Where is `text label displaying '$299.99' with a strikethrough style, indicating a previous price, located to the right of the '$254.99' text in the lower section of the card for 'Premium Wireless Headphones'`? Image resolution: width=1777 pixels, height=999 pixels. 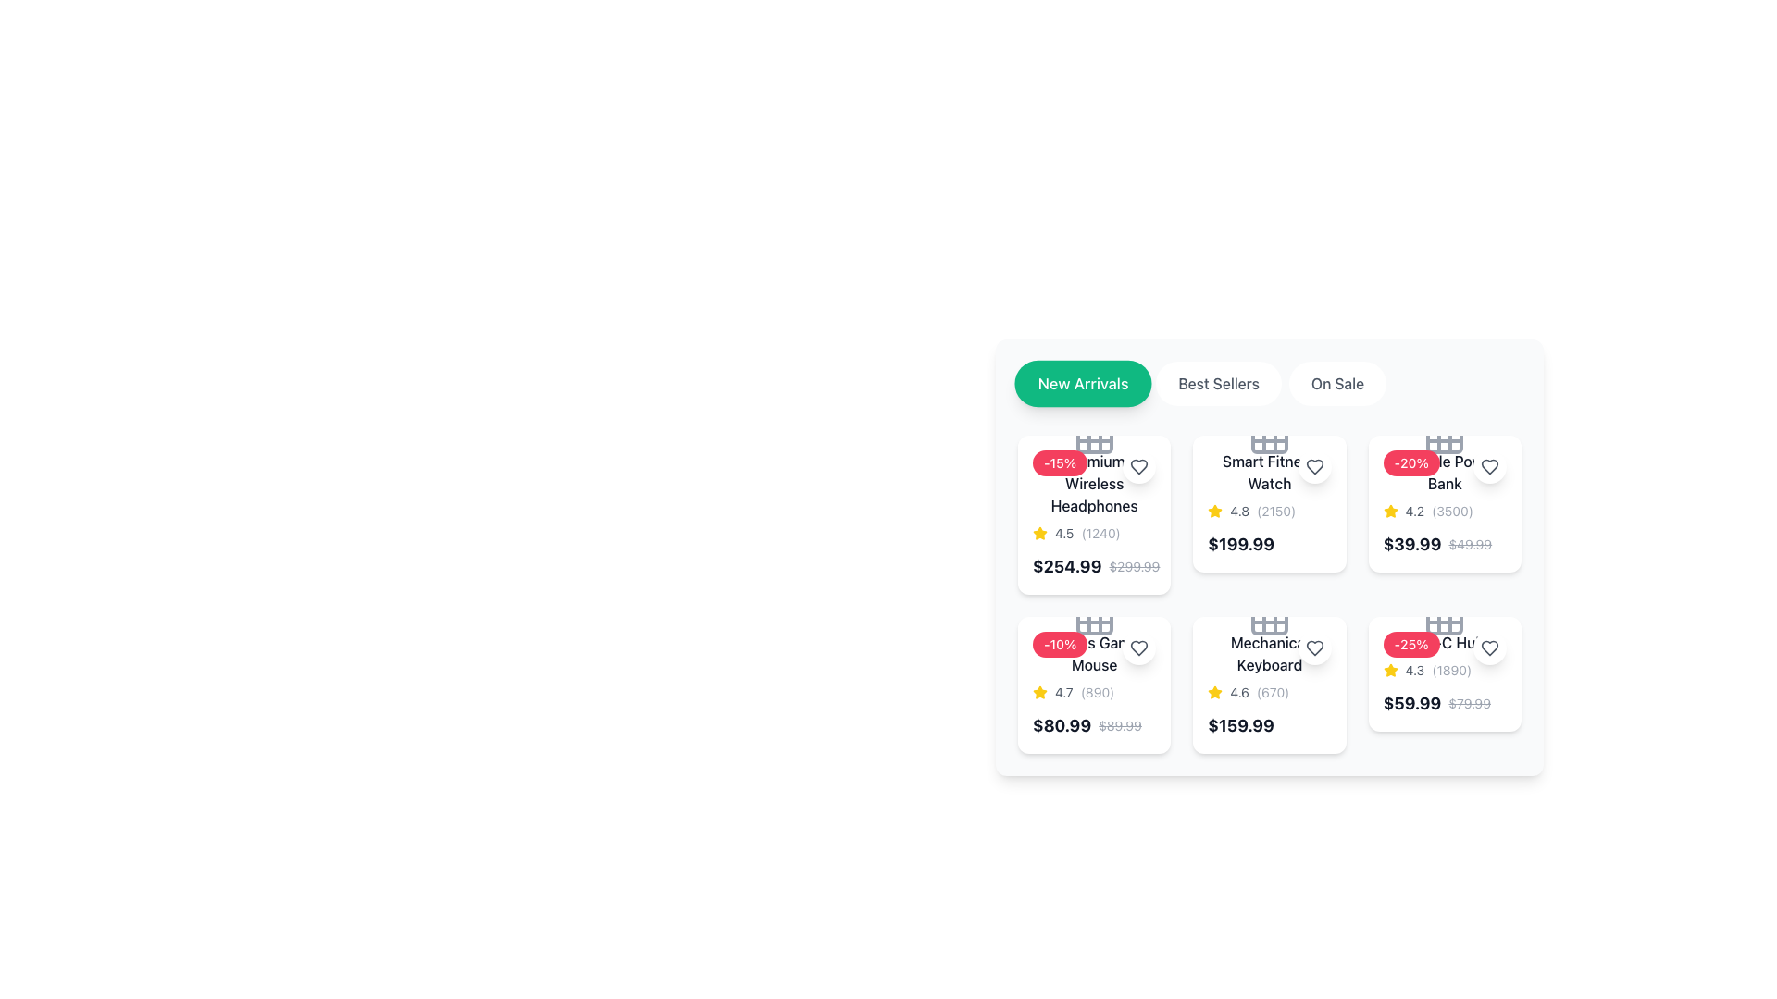 text label displaying '$299.99' with a strikethrough style, indicating a previous price, located to the right of the '$254.99' text in the lower section of the card for 'Premium Wireless Headphones' is located at coordinates (1133, 566).